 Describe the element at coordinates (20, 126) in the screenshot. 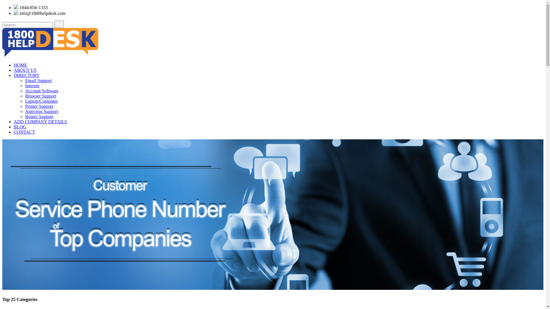

I see `'BLOG'` at that location.